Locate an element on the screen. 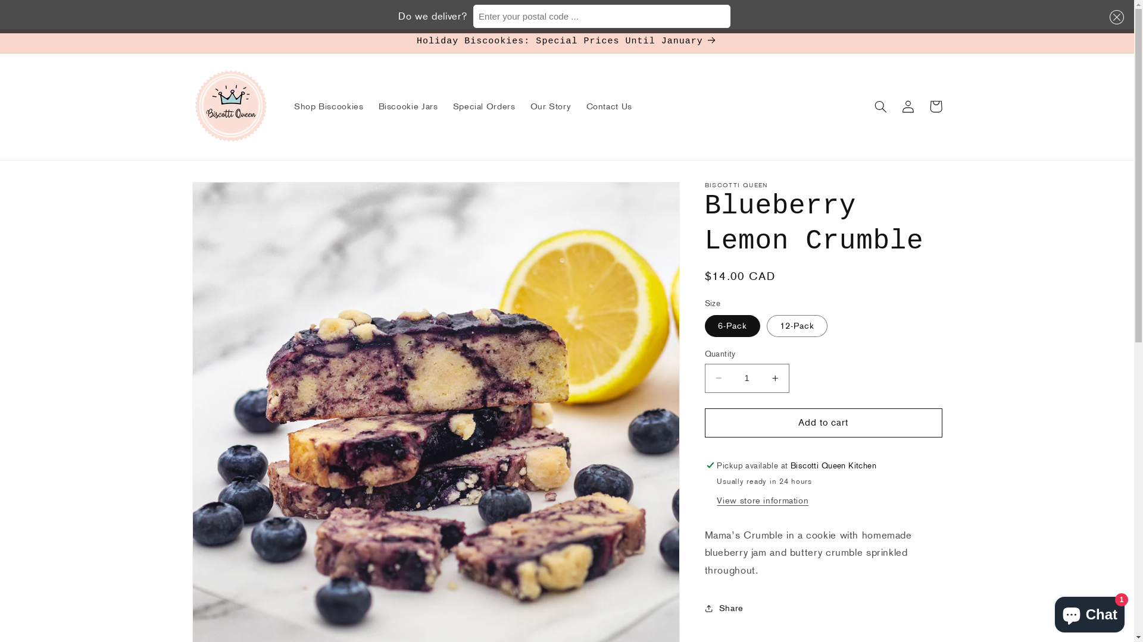 Image resolution: width=1143 pixels, height=642 pixels. 'Contact Us' is located at coordinates (609, 105).